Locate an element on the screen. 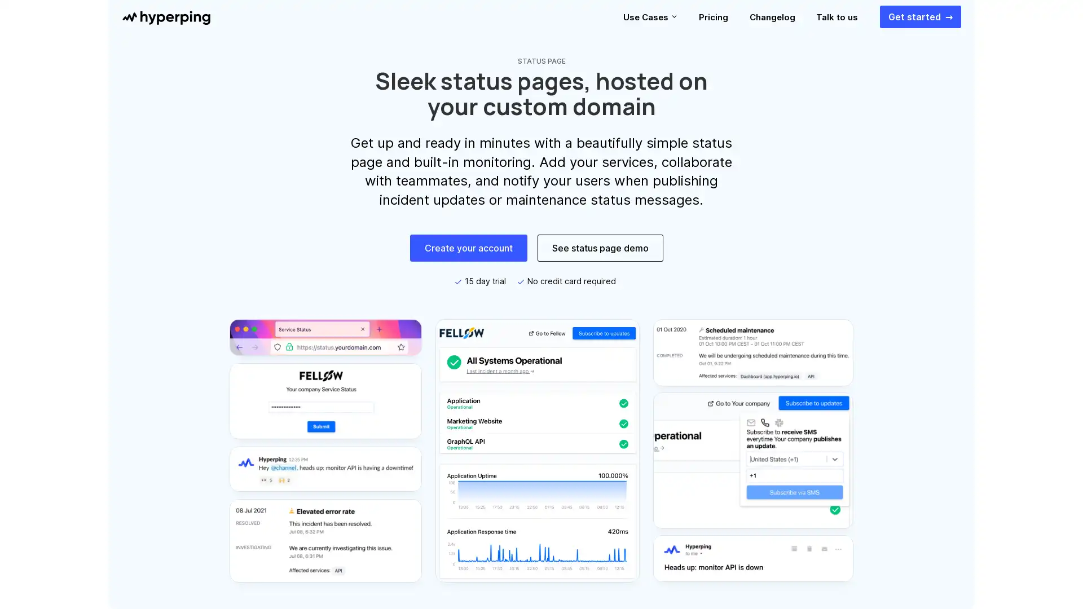 This screenshot has height=609, width=1083. Use Cases is located at coordinates (650, 17).